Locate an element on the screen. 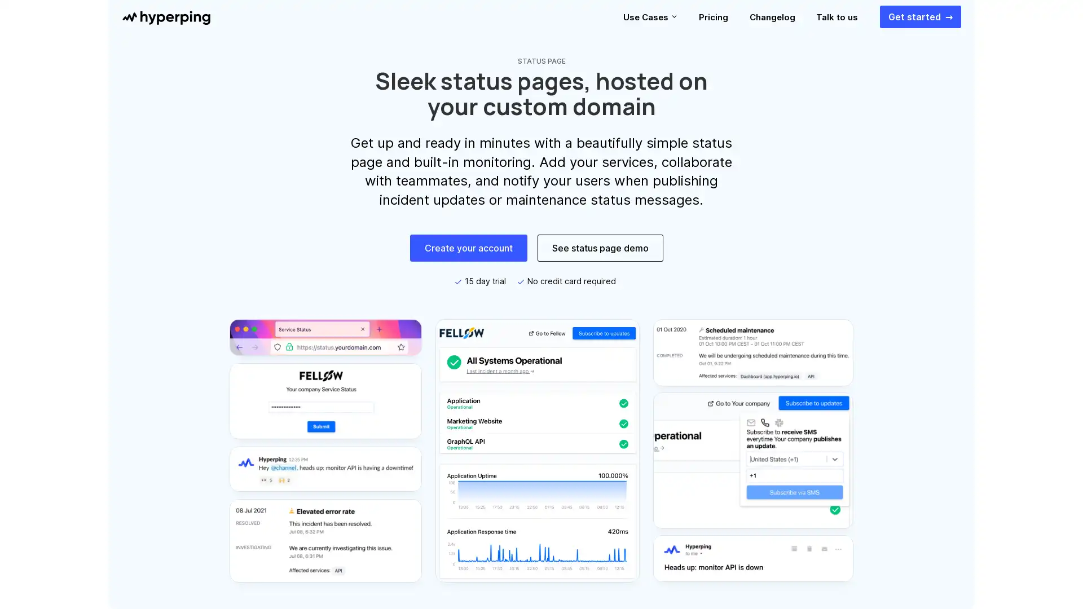 This screenshot has height=609, width=1083. Use Cases is located at coordinates (650, 17).